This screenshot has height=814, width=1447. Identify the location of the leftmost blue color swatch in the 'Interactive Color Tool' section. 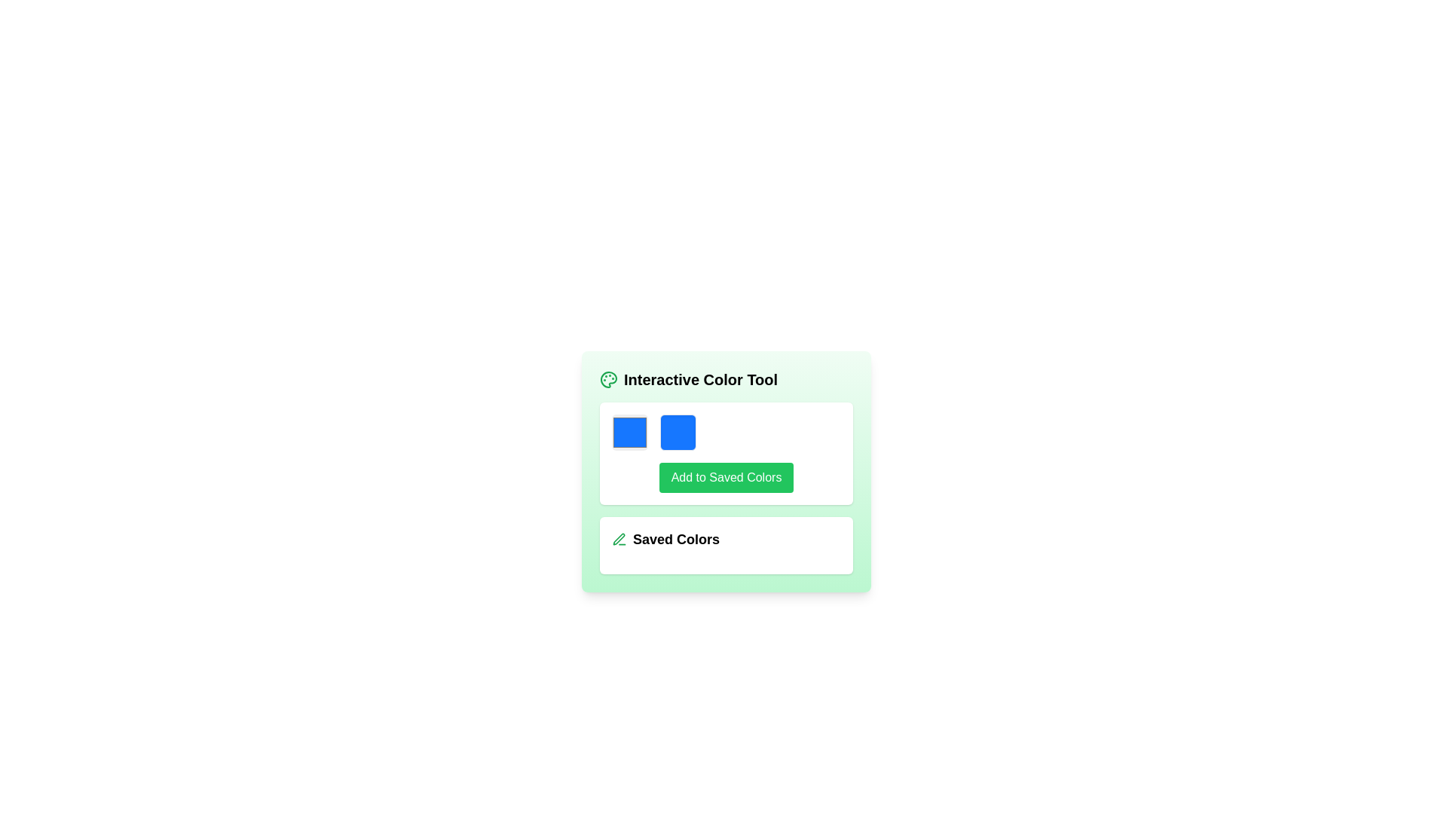
(629, 433).